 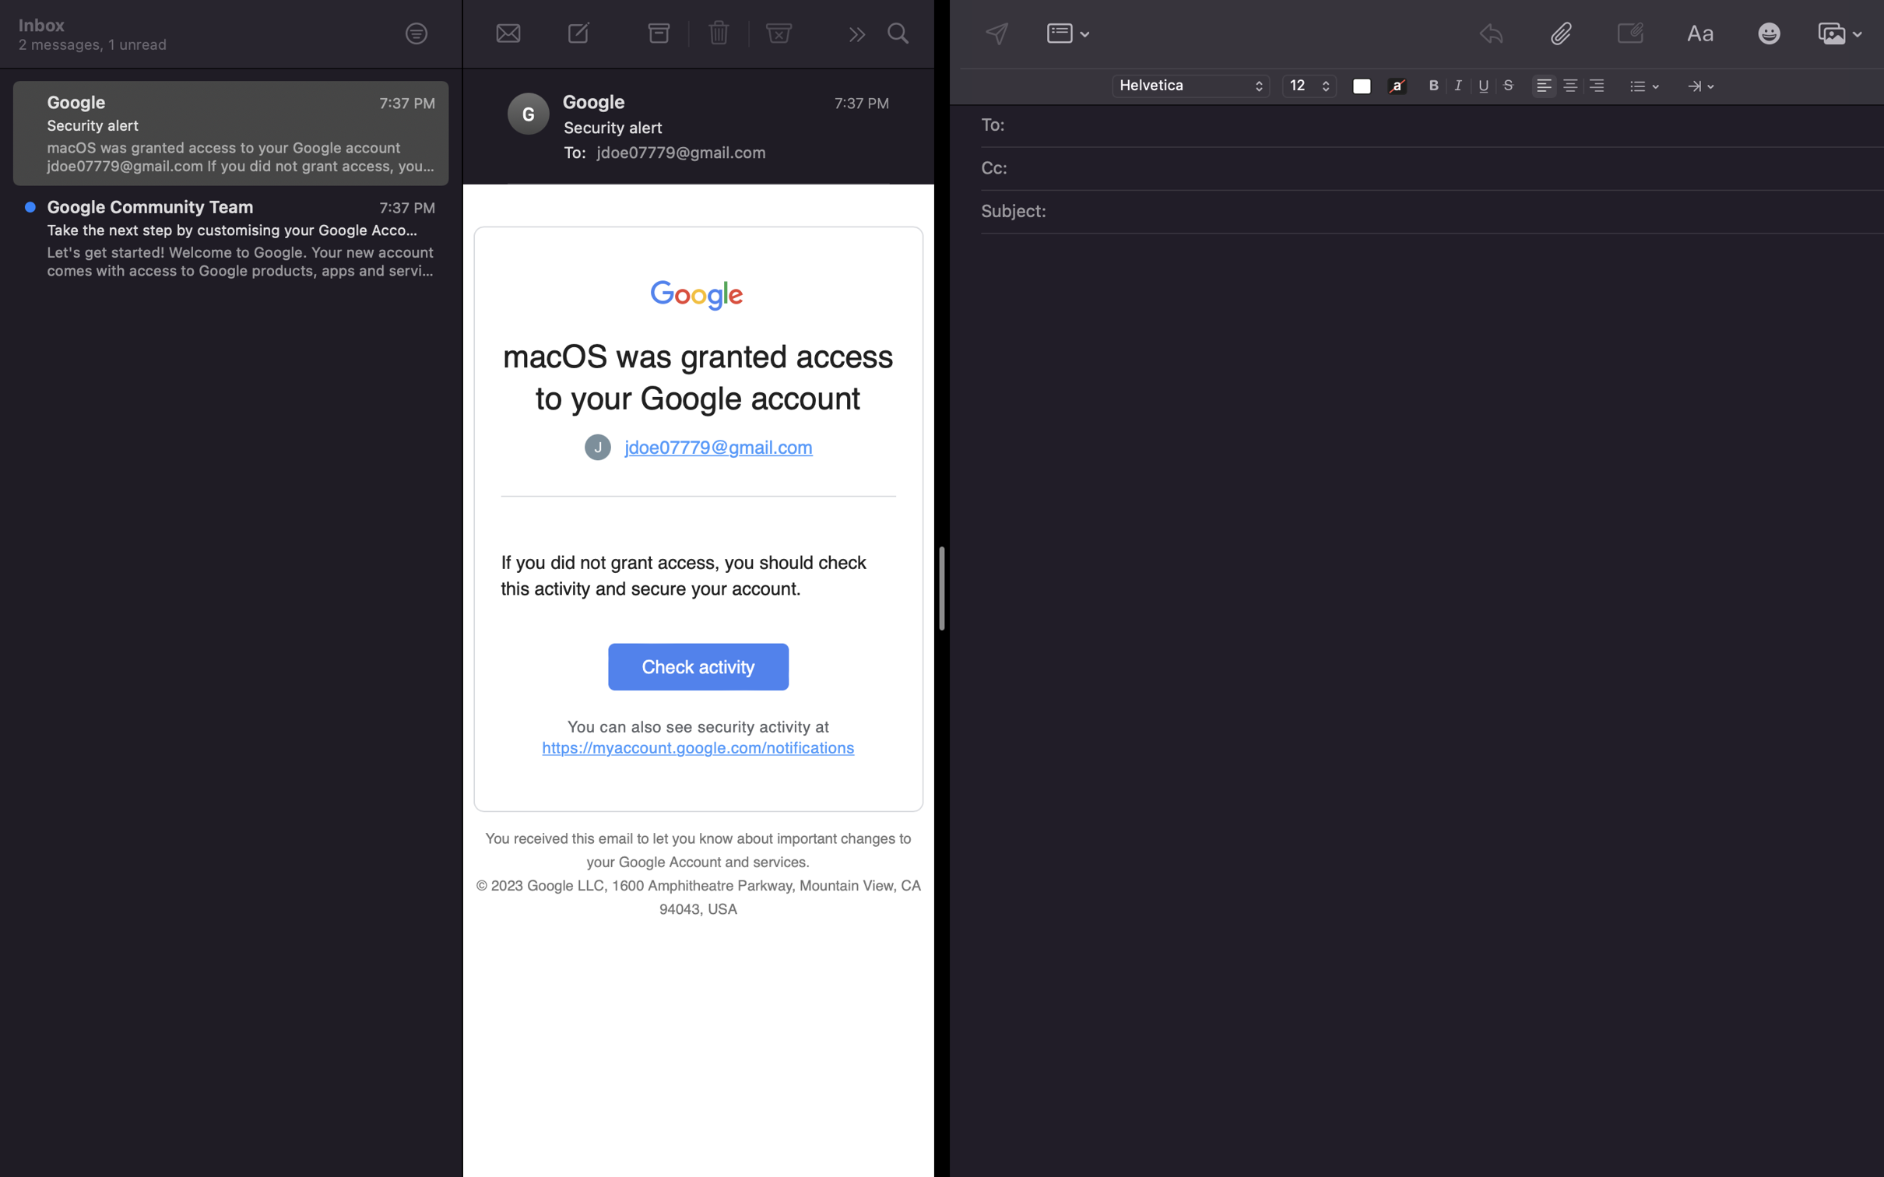 I want to click on Fill the subject bar with "Application for job" and confirm, so click(x=1452, y=213).